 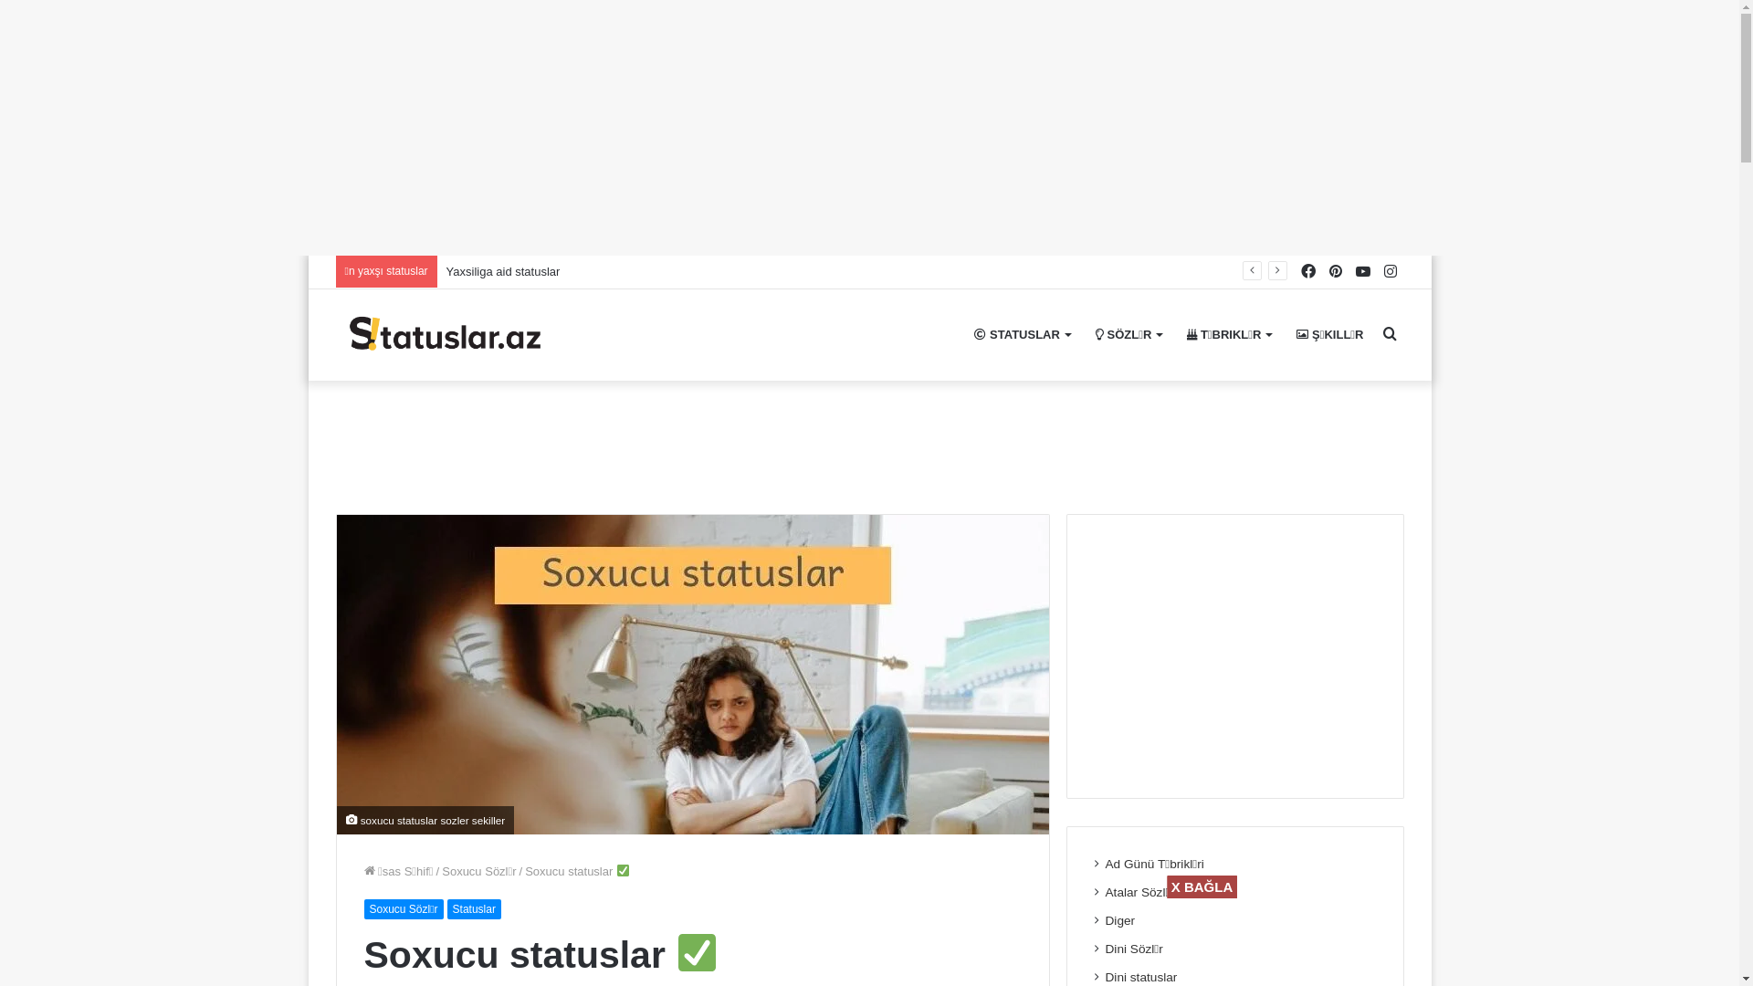 I want to click on 'Facebook', so click(x=1307, y=271).